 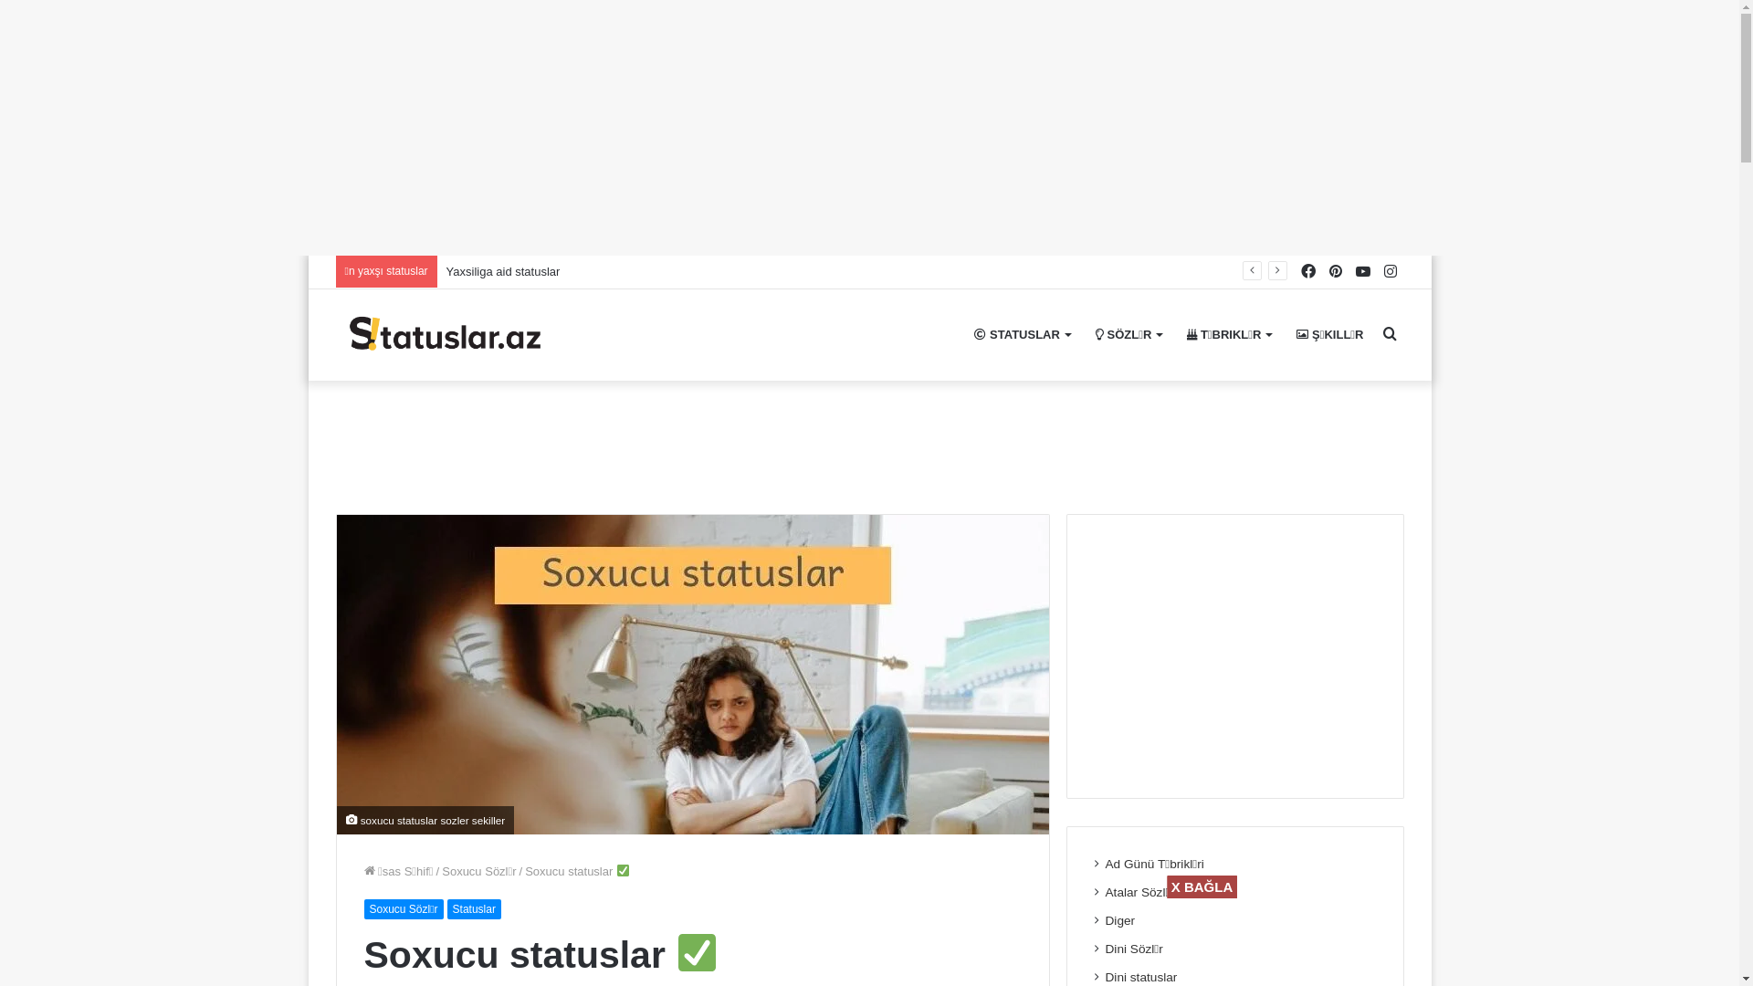 I want to click on 'Facebook', so click(x=1307, y=271).